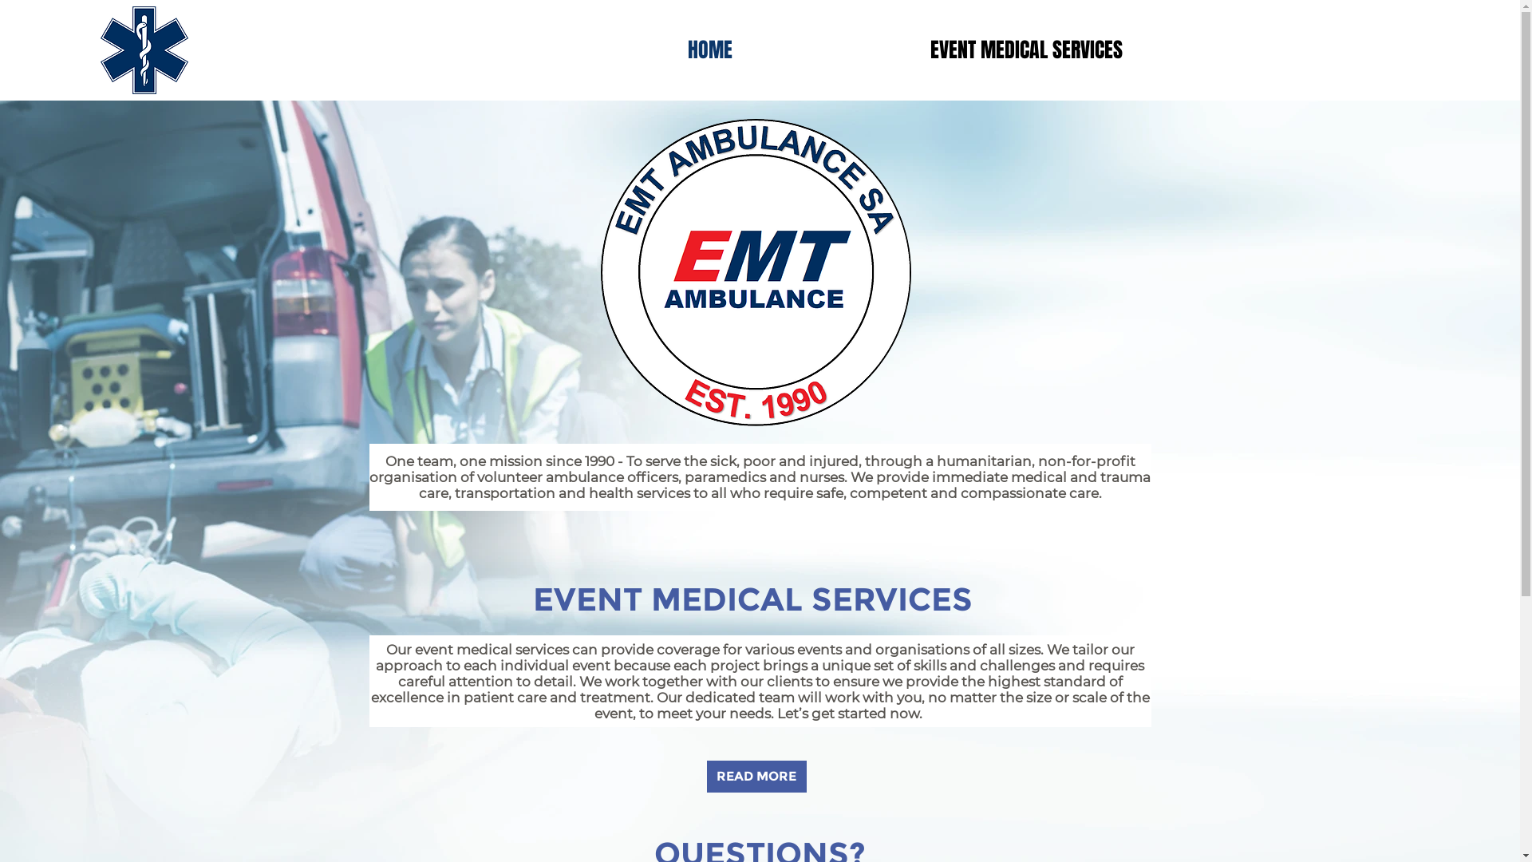 Image resolution: width=1532 pixels, height=862 pixels. What do you see at coordinates (709, 49) in the screenshot?
I see `'HOME'` at bounding box center [709, 49].